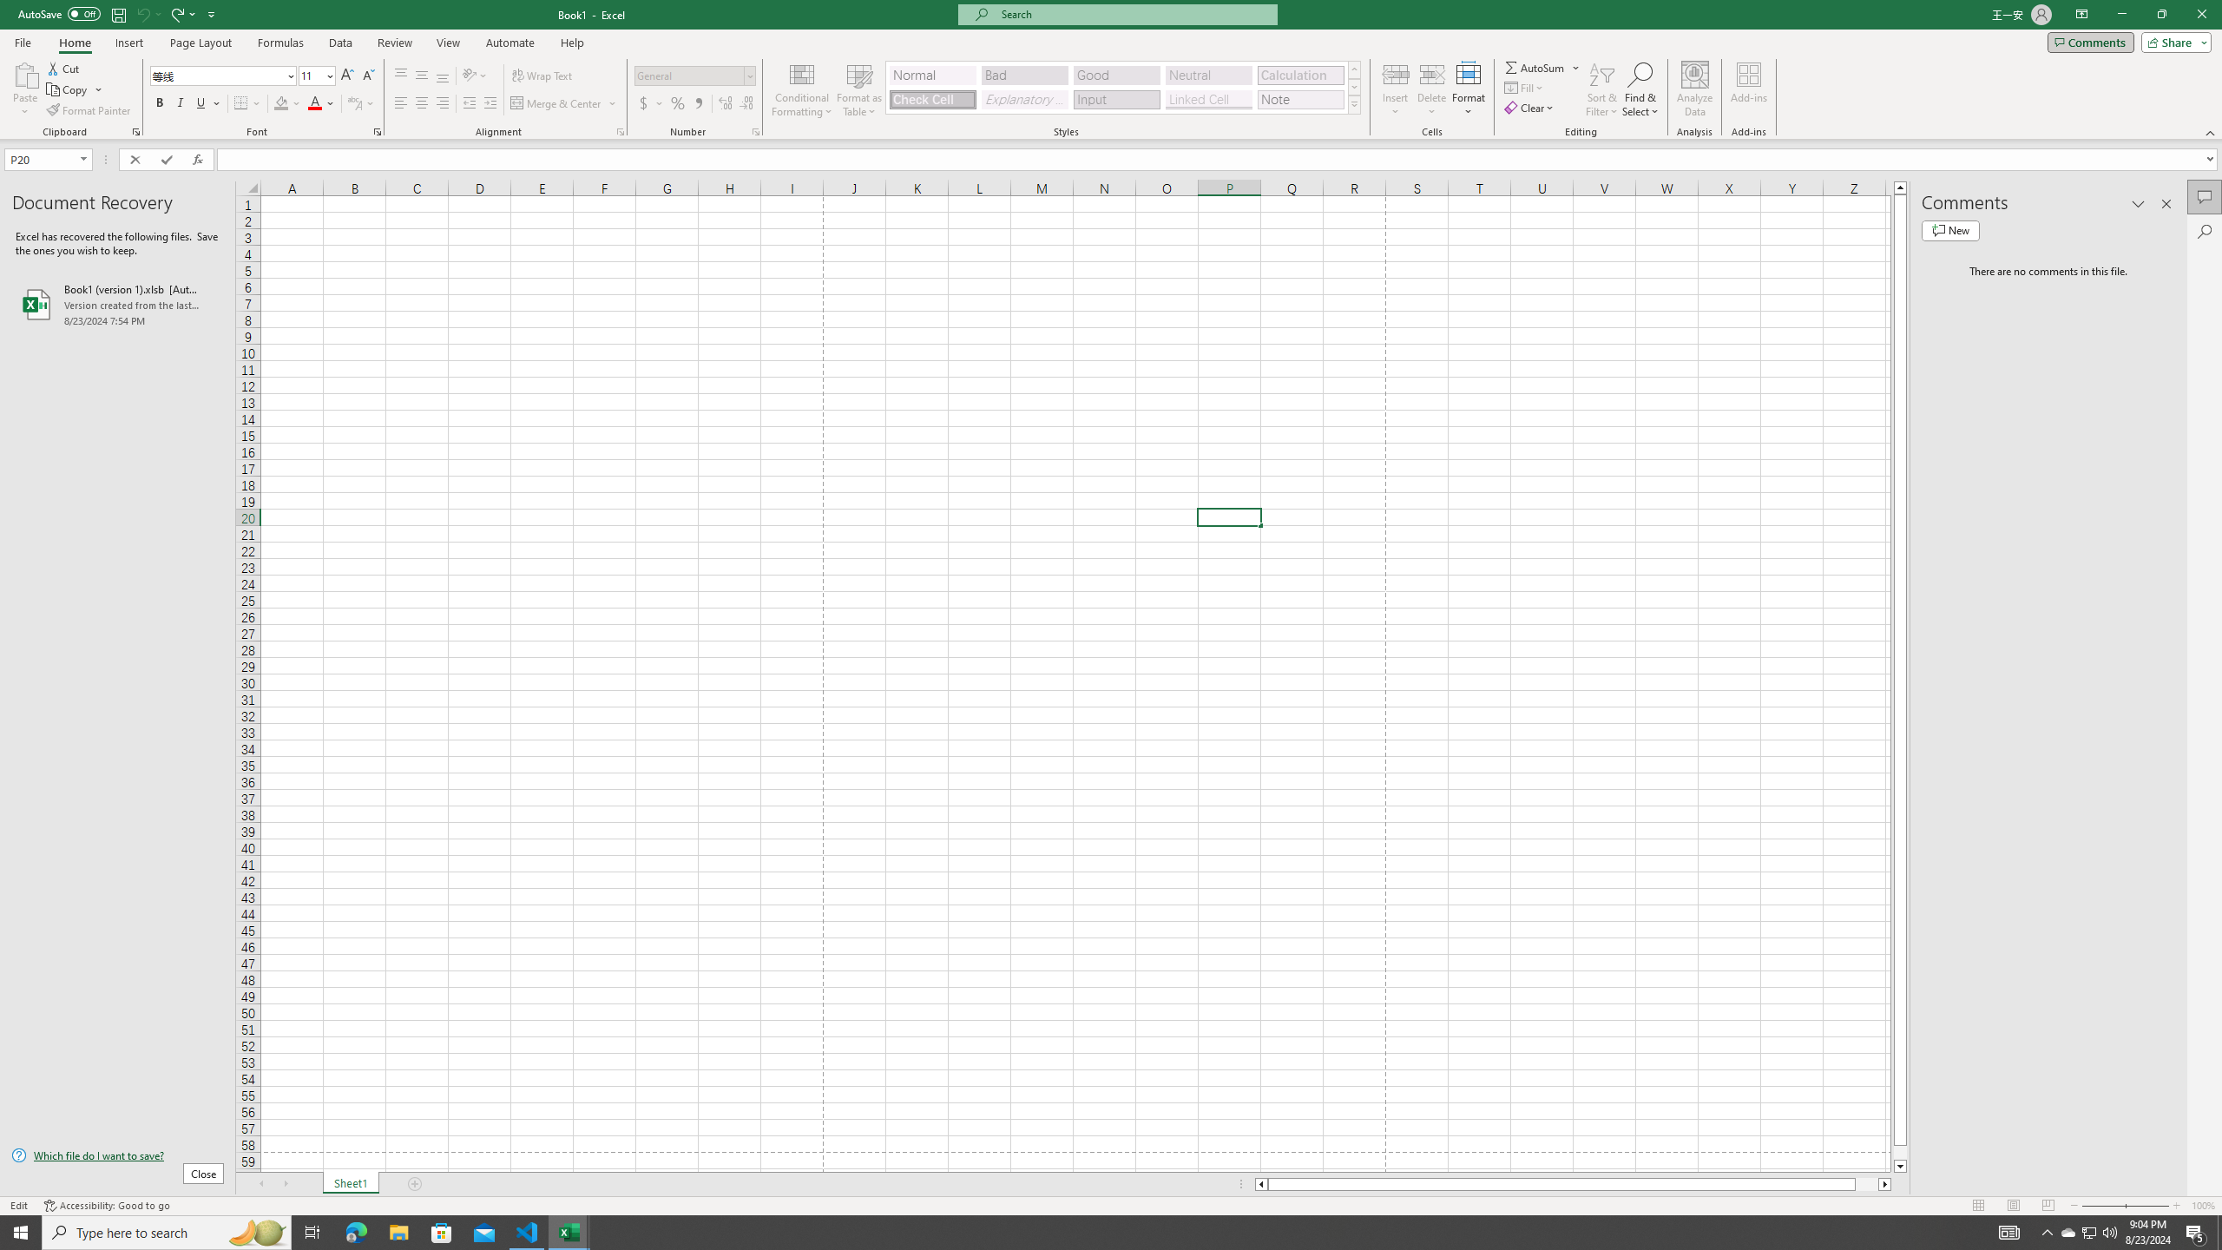 Image resolution: width=2222 pixels, height=1250 pixels. I want to click on 'Wrap Text', so click(542, 76).